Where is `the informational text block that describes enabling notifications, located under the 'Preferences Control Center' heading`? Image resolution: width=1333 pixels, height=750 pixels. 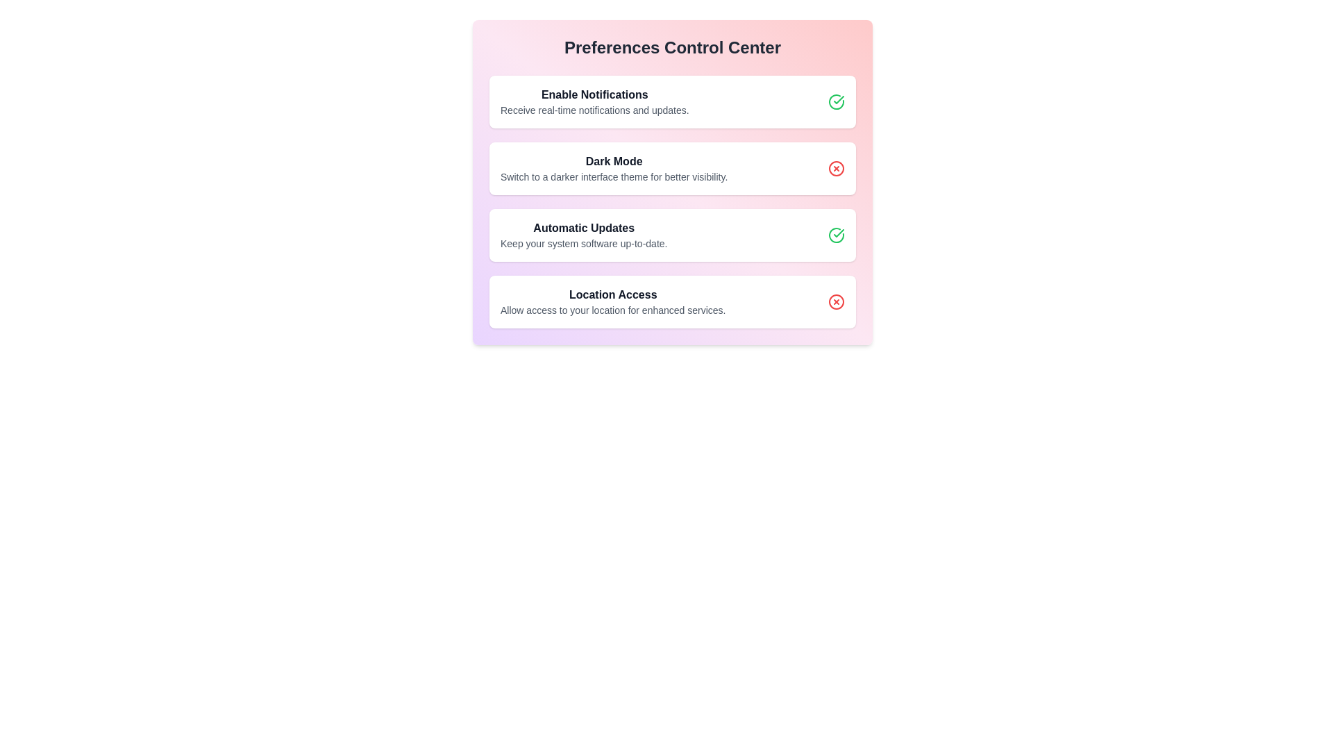
the informational text block that describes enabling notifications, located under the 'Preferences Control Center' heading is located at coordinates (594, 101).